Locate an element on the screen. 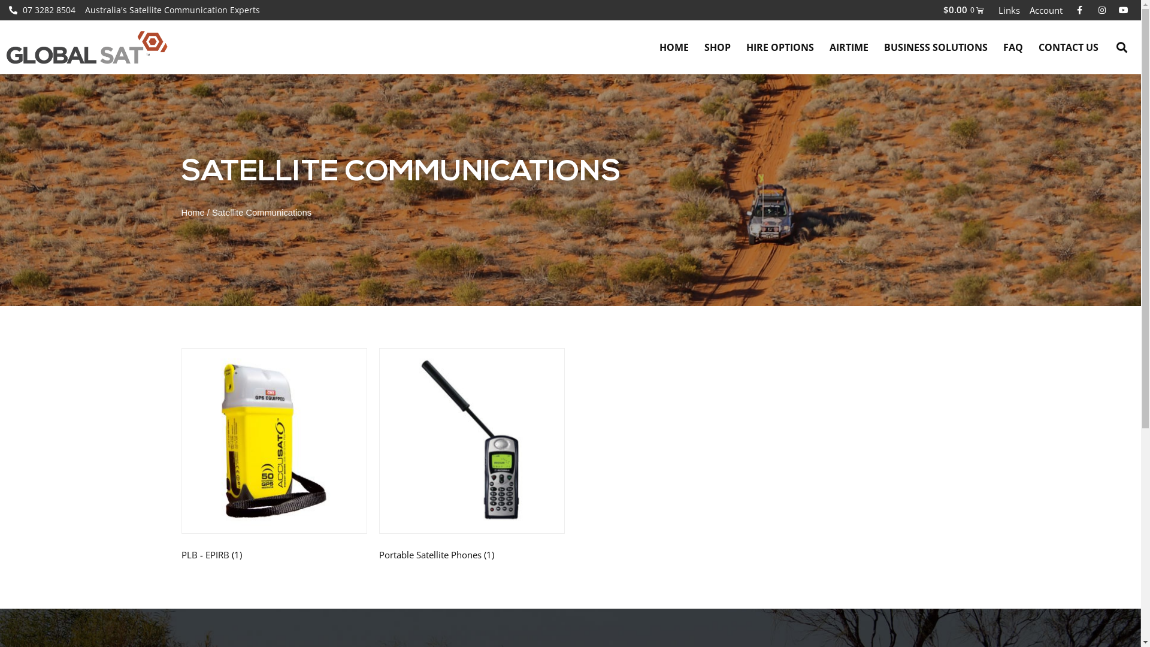 The width and height of the screenshot is (1150, 647). 'FAQ' is located at coordinates (1012, 46).